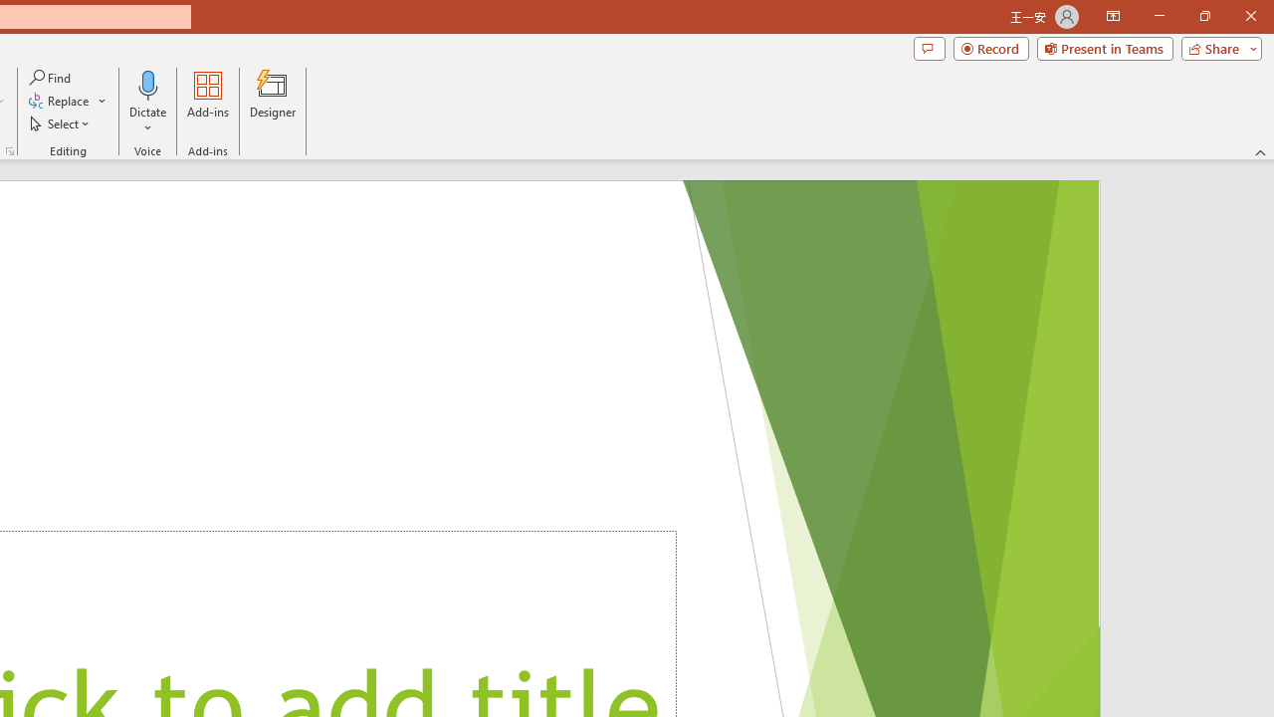 Image resolution: width=1274 pixels, height=717 pixels. Describe the element at coordinates (928, 47) in the screenshot. I see `'Comments'` at that location.